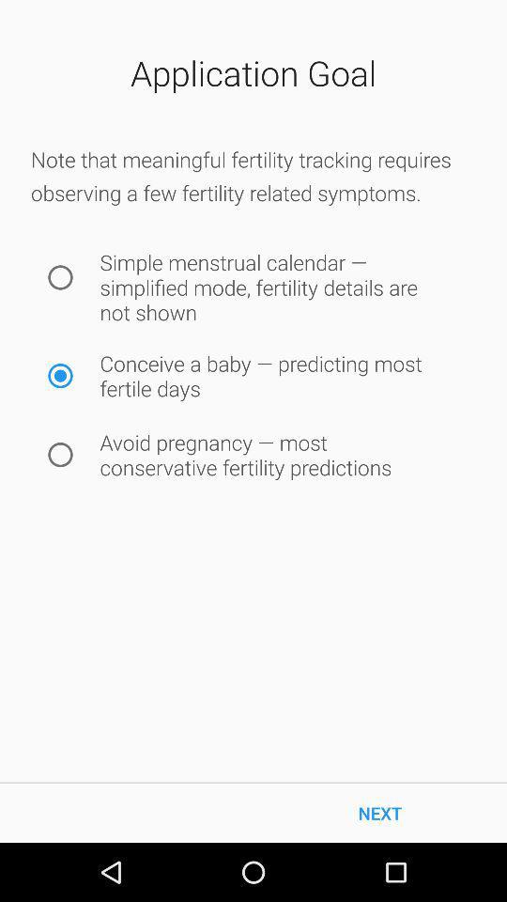  I want to click on choose this application goal, so click(60, 375).